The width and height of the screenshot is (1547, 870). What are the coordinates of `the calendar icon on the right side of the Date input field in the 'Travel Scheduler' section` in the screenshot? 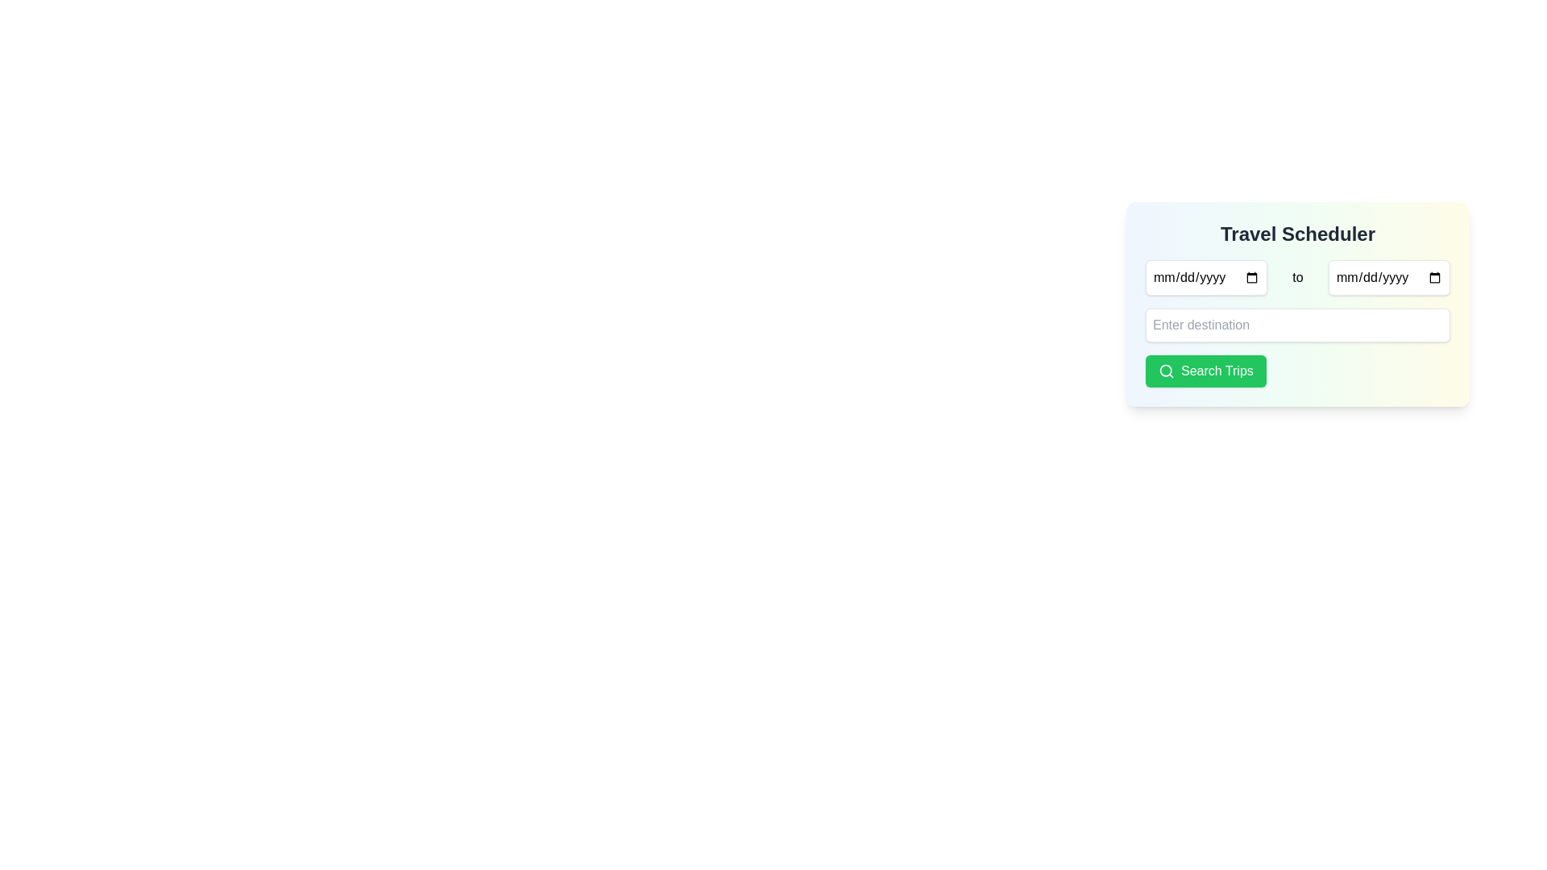 It's located at (1388, 276).